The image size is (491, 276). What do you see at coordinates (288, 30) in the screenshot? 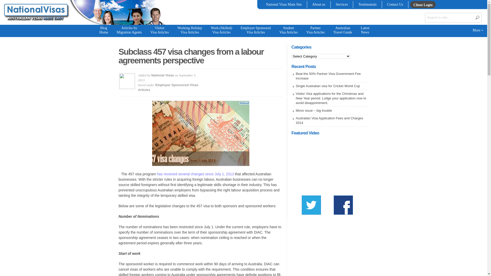
I see `'Student` at bounding box center [288, 30].